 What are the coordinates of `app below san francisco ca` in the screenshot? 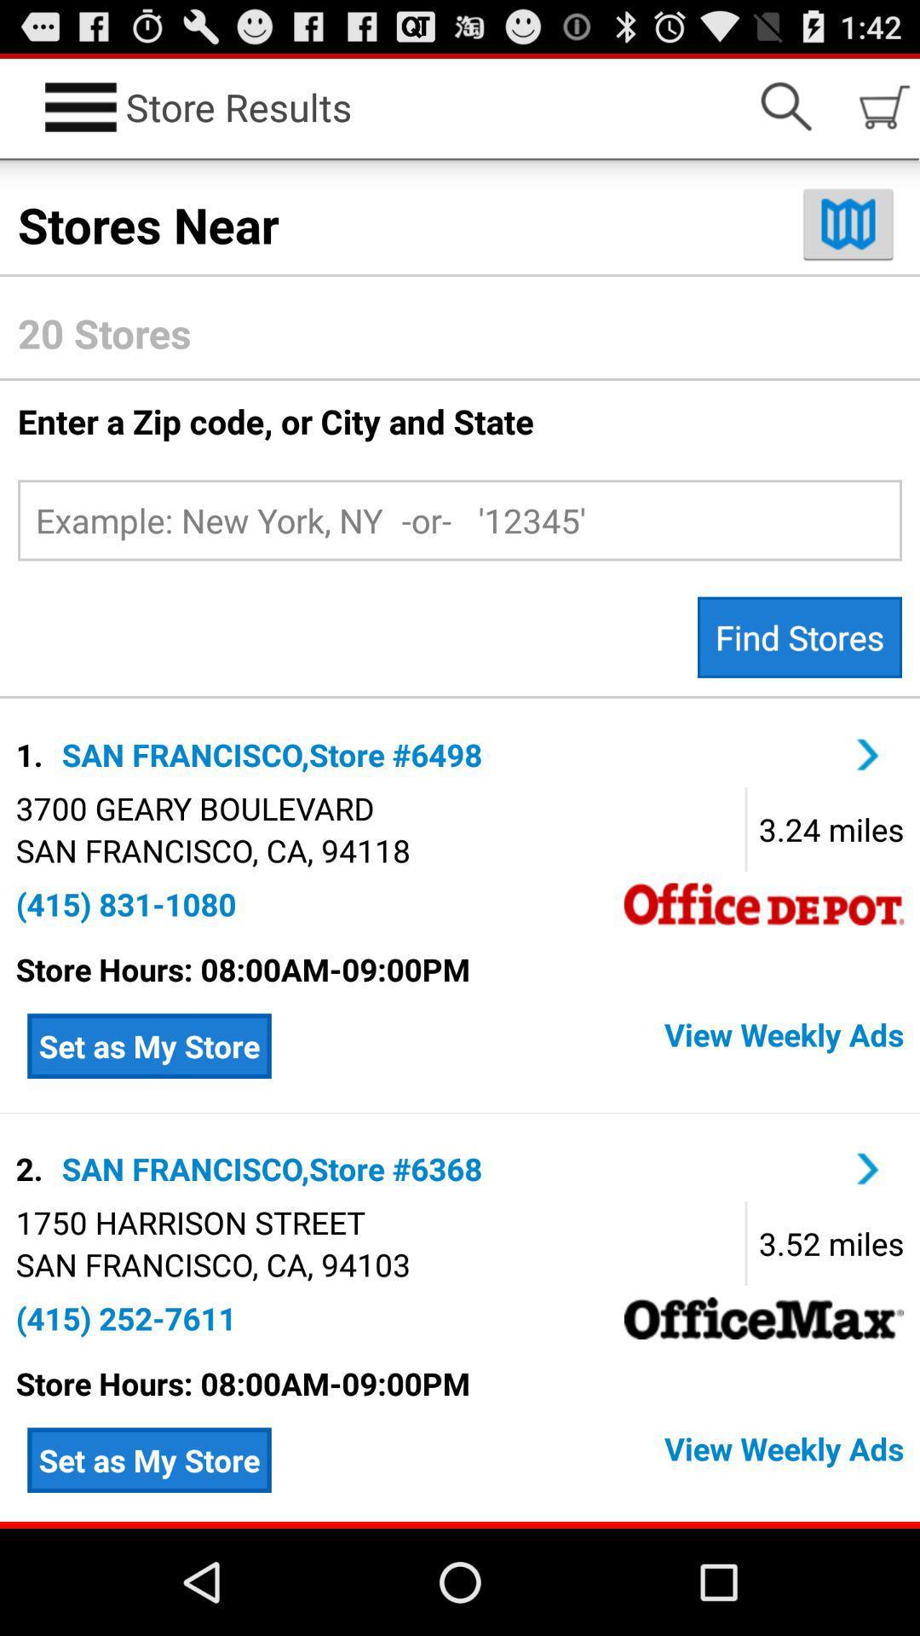 It's located at (125, 903).